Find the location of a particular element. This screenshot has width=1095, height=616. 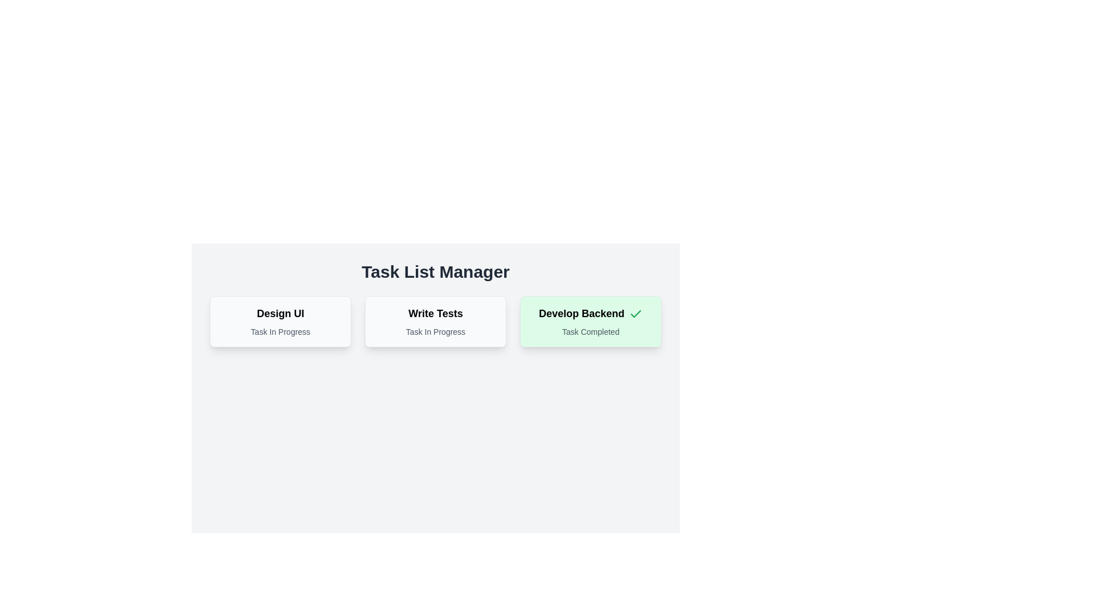

the task indicator card displaying 'Write Tests' and its status 'Task In Progress', located in the second column of three cards is located at coordinates (435, 321).